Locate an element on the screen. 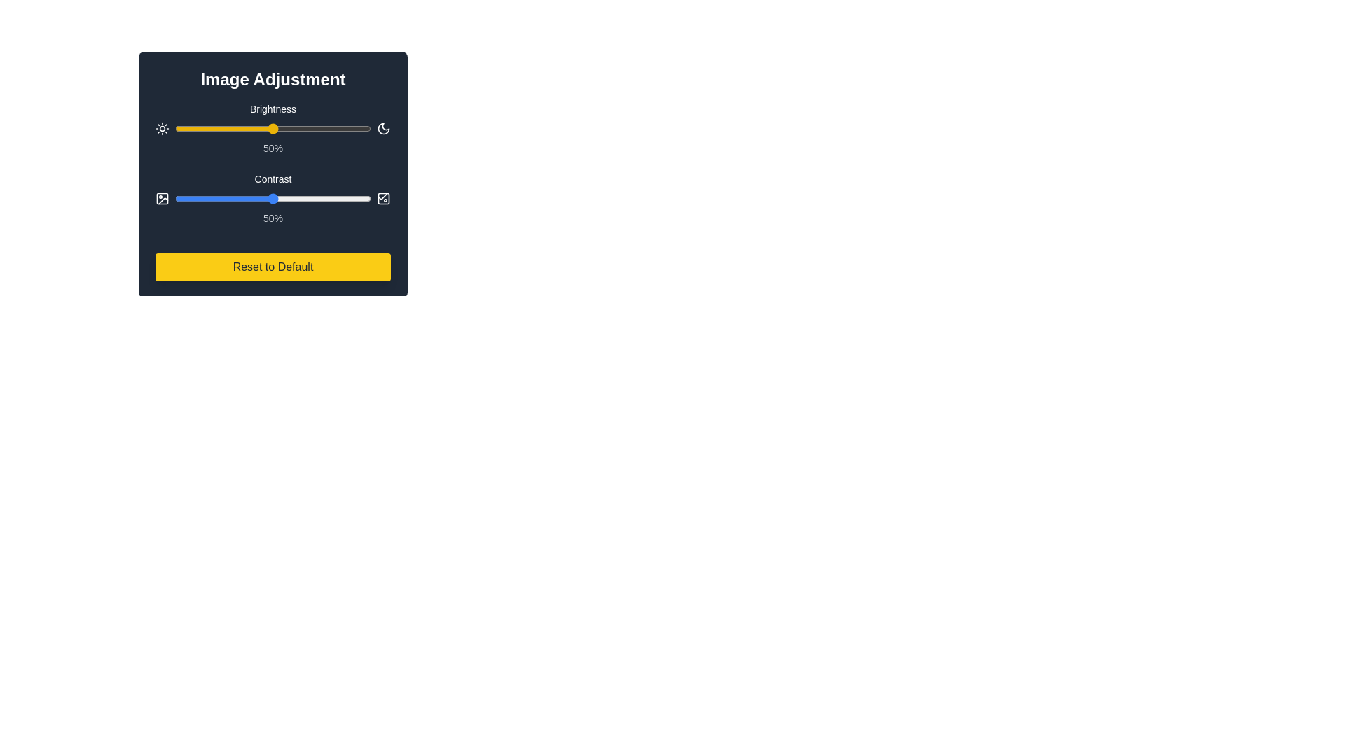  the contrast level is located at coordinates (327, 199).